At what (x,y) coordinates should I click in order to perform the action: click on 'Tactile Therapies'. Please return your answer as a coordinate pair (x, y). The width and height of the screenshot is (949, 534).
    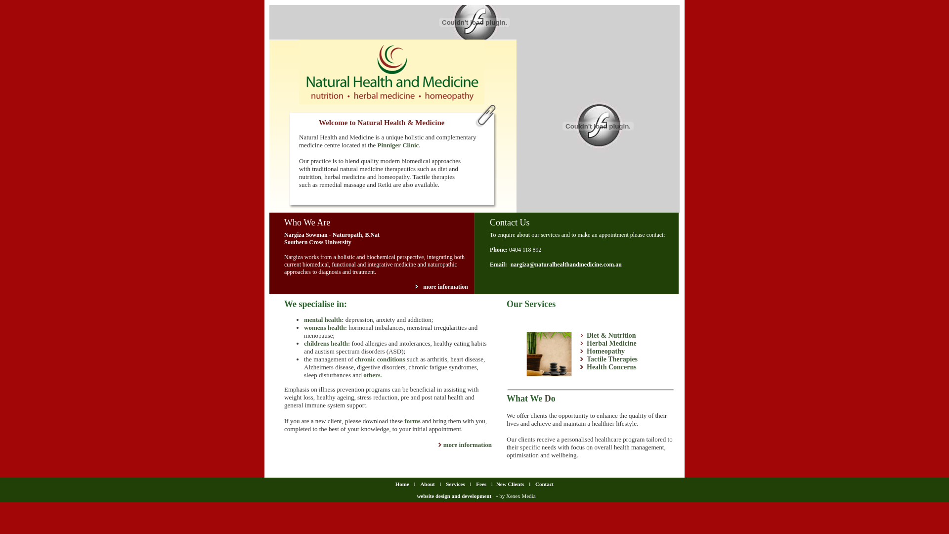
    Looking at the image, I should click on (611, 359).